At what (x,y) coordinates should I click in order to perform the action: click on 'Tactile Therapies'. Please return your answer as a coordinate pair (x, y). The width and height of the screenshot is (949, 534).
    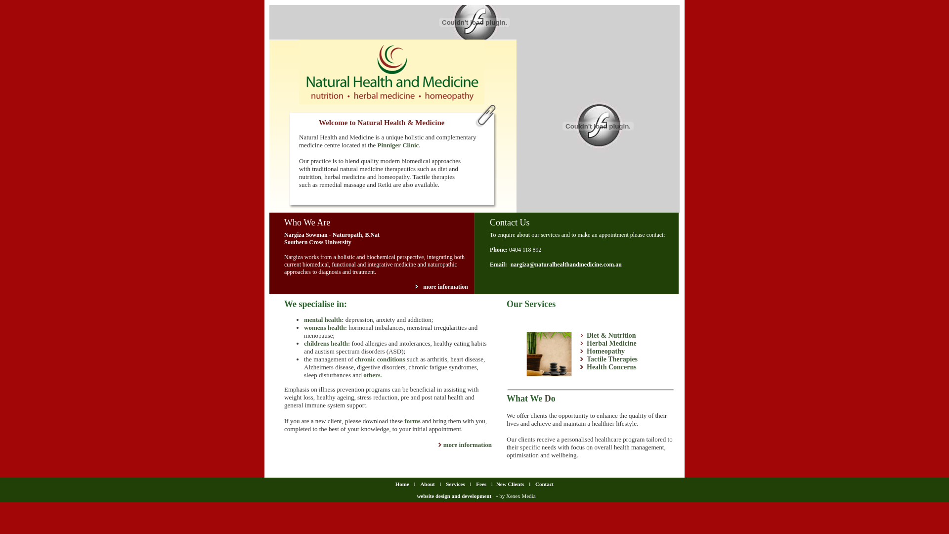
    Looking at the image, I should click on (611, 359).